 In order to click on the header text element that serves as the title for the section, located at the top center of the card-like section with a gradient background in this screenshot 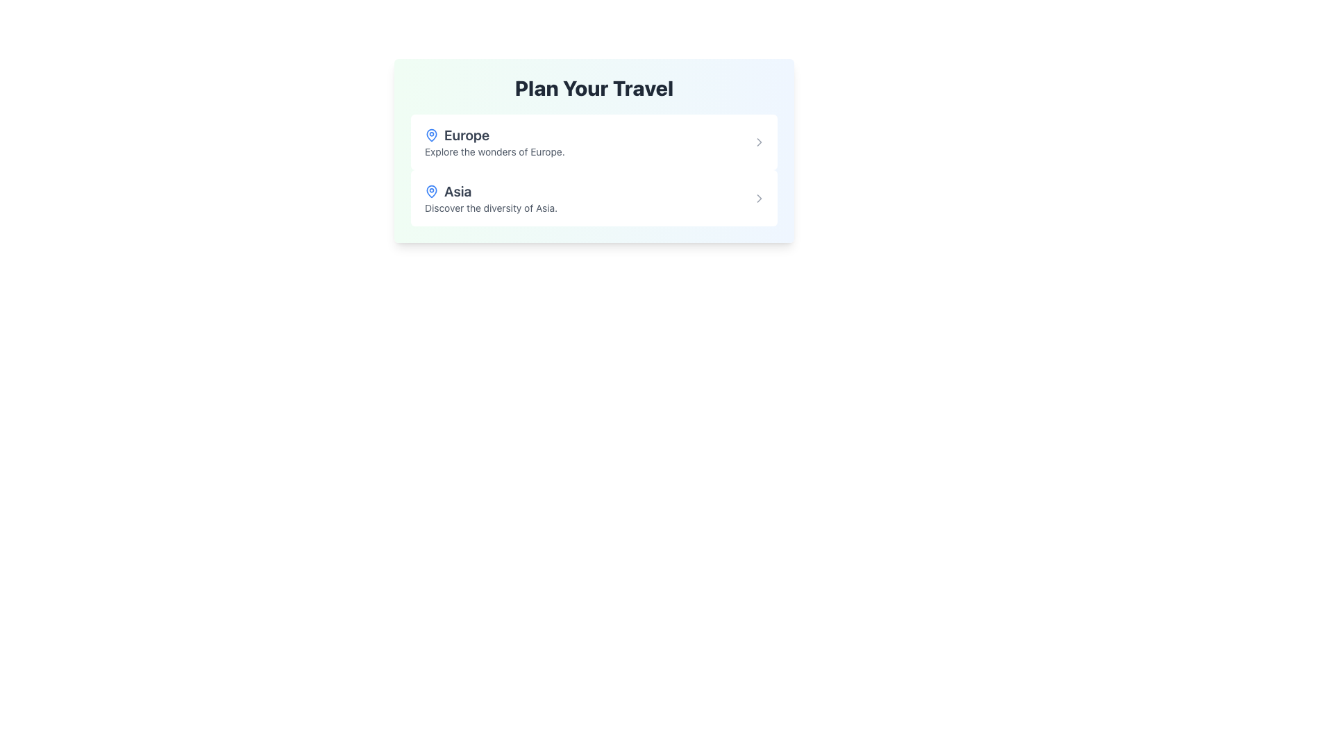, I will do `click(594, 88)`.